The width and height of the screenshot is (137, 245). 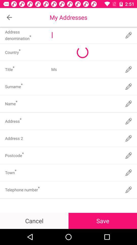 I want to click on address bar, so click(x=85, y=35).